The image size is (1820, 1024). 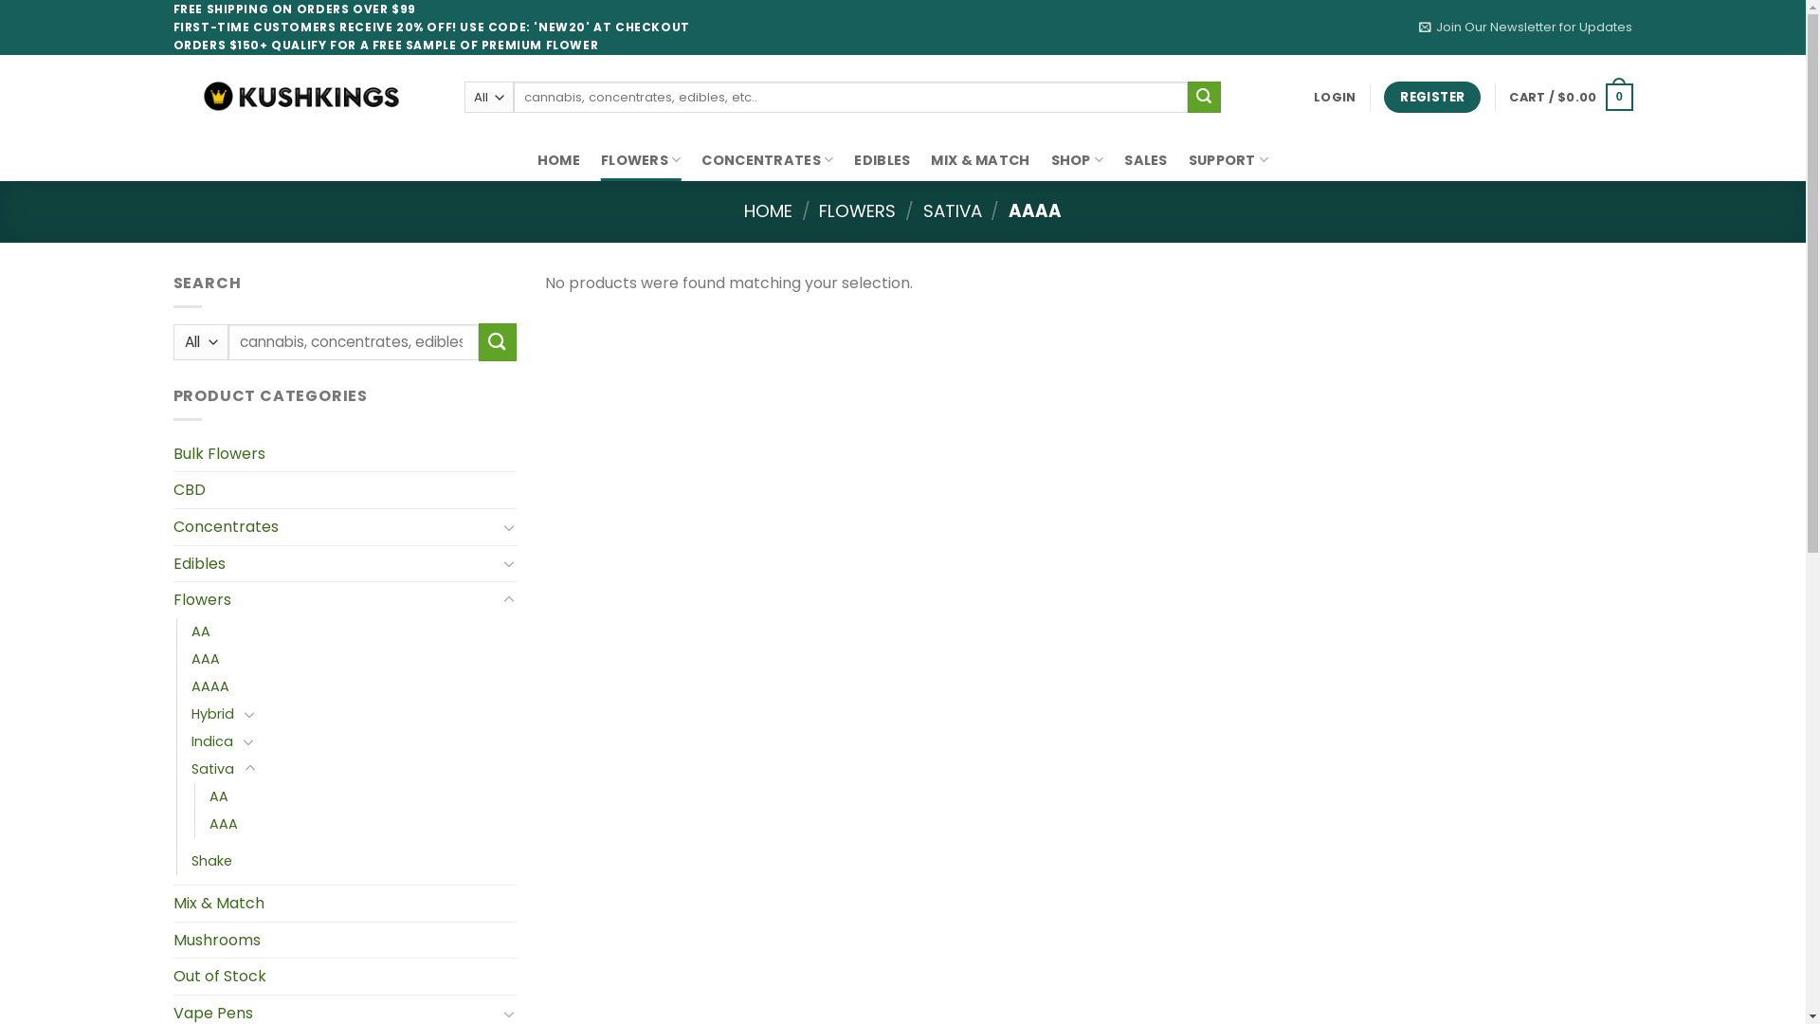 I want to click on 'AAA', so click(x=205, y=658).